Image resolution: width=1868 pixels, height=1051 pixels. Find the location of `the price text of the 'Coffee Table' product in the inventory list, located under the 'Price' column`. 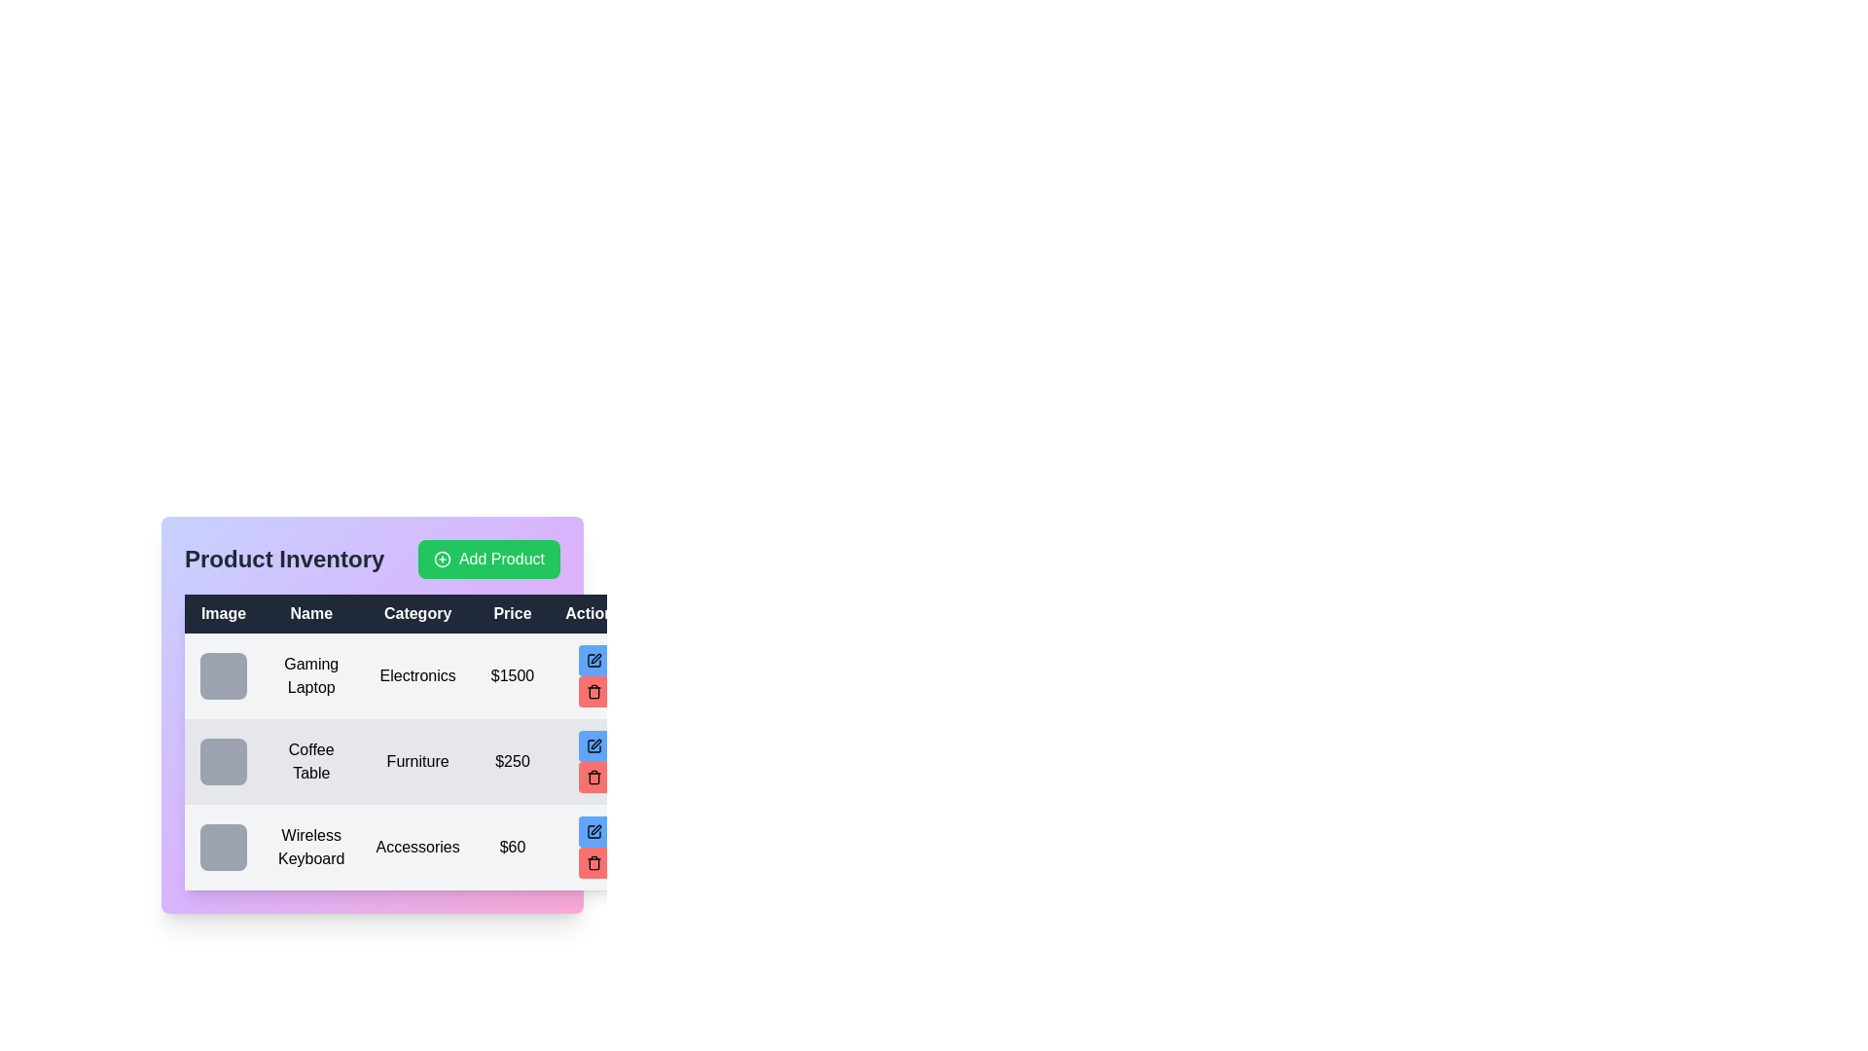

the price text of the 'Coffee Table' product in the inventory list, located under the 'Price' column is located at coordinates (513, 761).